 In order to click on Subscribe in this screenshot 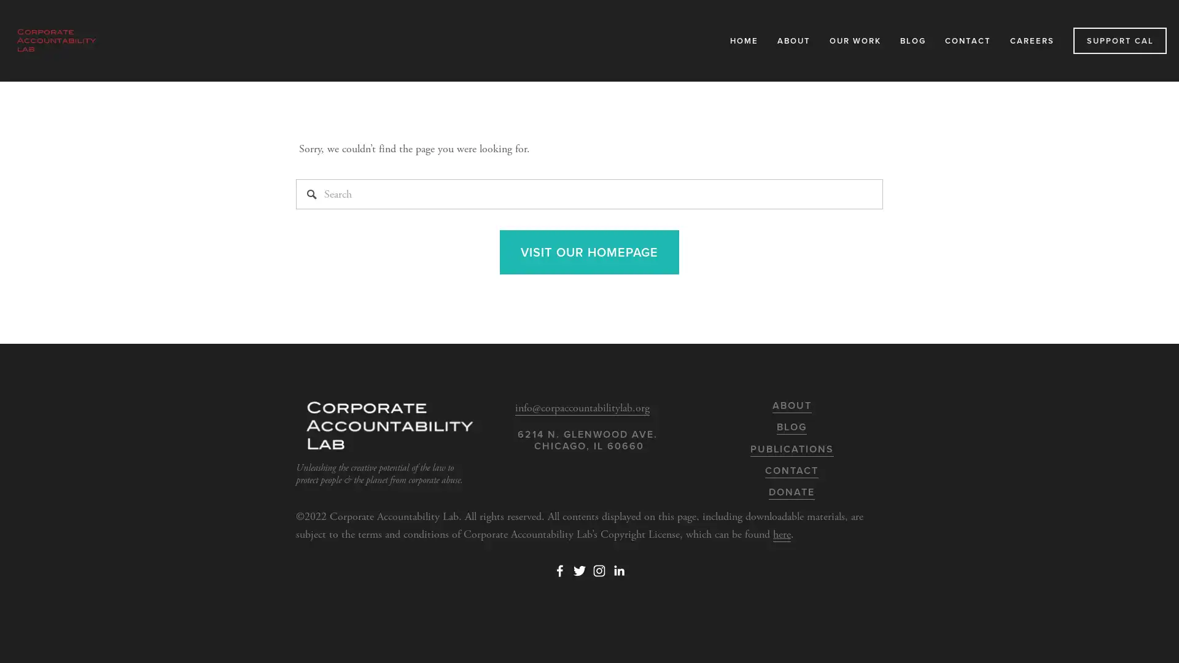, I will do `click(693, 323)`.